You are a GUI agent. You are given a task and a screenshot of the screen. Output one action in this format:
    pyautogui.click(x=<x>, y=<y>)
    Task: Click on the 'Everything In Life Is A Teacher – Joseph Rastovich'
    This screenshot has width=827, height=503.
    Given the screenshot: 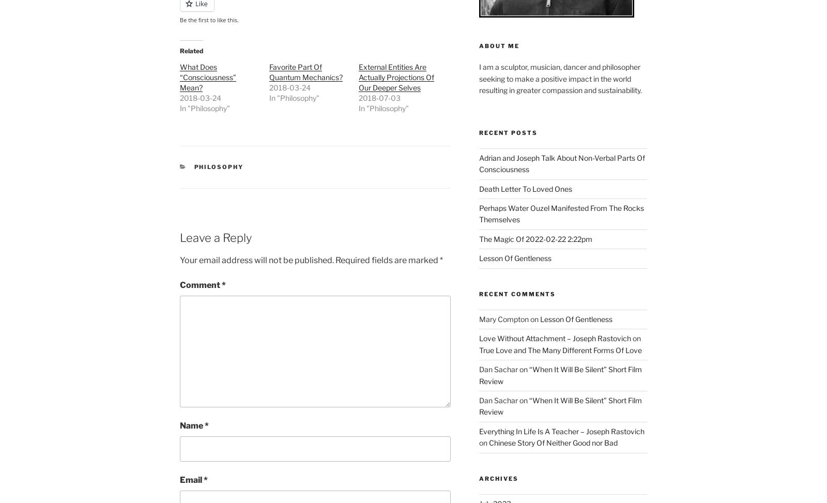 What is the action you would take?
    pyautogui.click(x=561, y=430)
    